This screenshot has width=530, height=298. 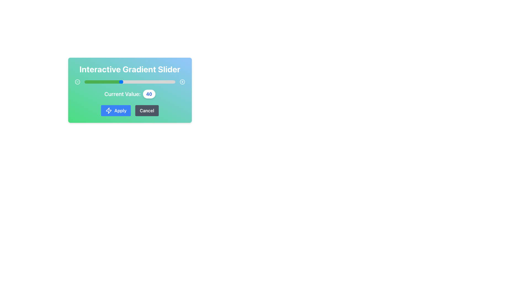 What do you see at coordinates (146, 82) in the screenshot?
I see `the slider` at bounding box center [146, 82].